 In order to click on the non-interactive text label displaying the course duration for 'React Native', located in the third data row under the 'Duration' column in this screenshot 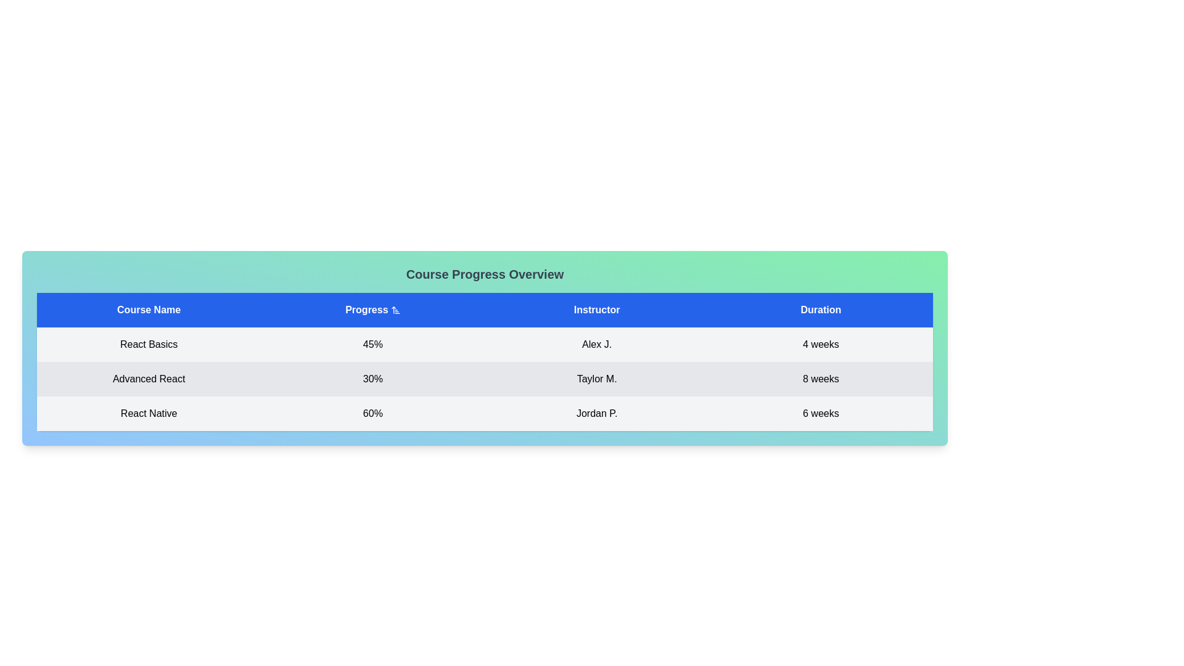, I will do `click(821, 414)`.